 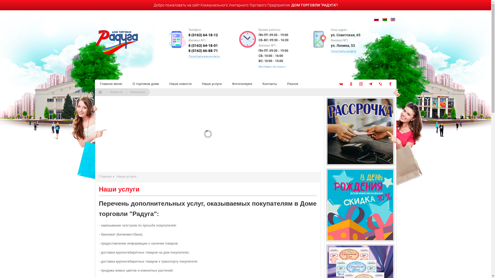 I want to click on '8 (0163) 64-18-12', so click(x=203, y=35).